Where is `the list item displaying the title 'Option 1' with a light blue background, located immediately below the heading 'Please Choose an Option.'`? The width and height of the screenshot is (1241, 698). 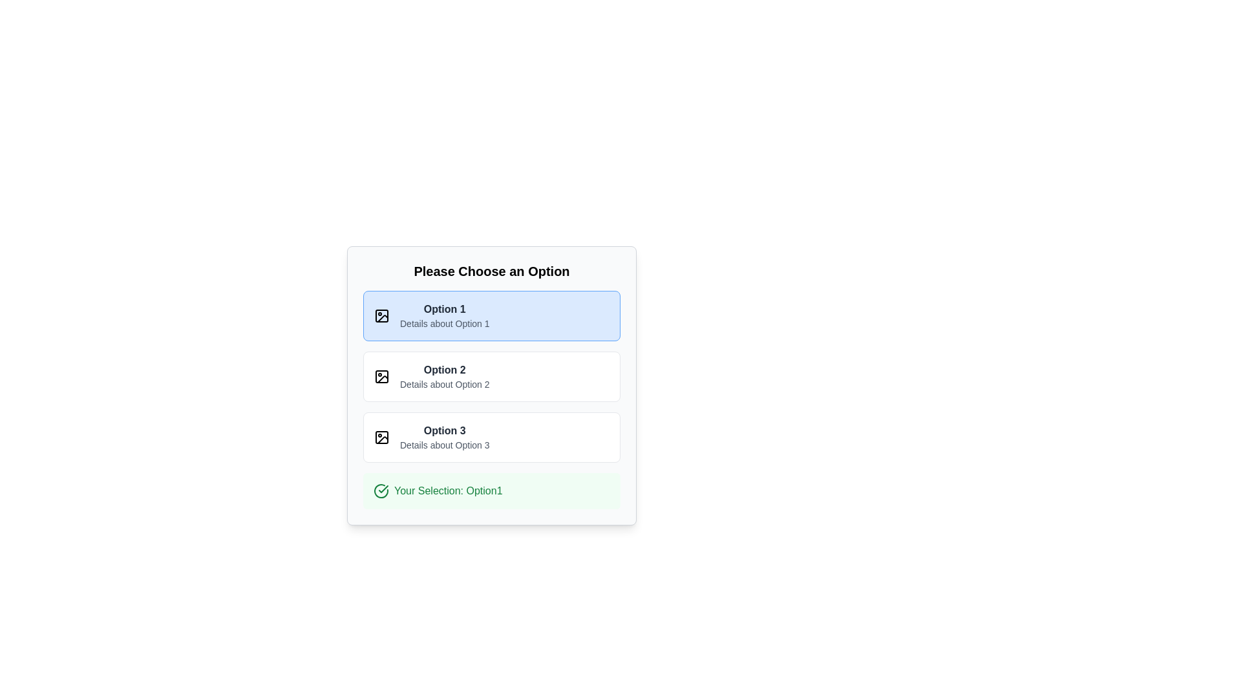 the list item displaying the title 'Option 1' with a light blue background, located immediately below the heading 'Please Choose an Option.' is located at coordinates (445, 316).